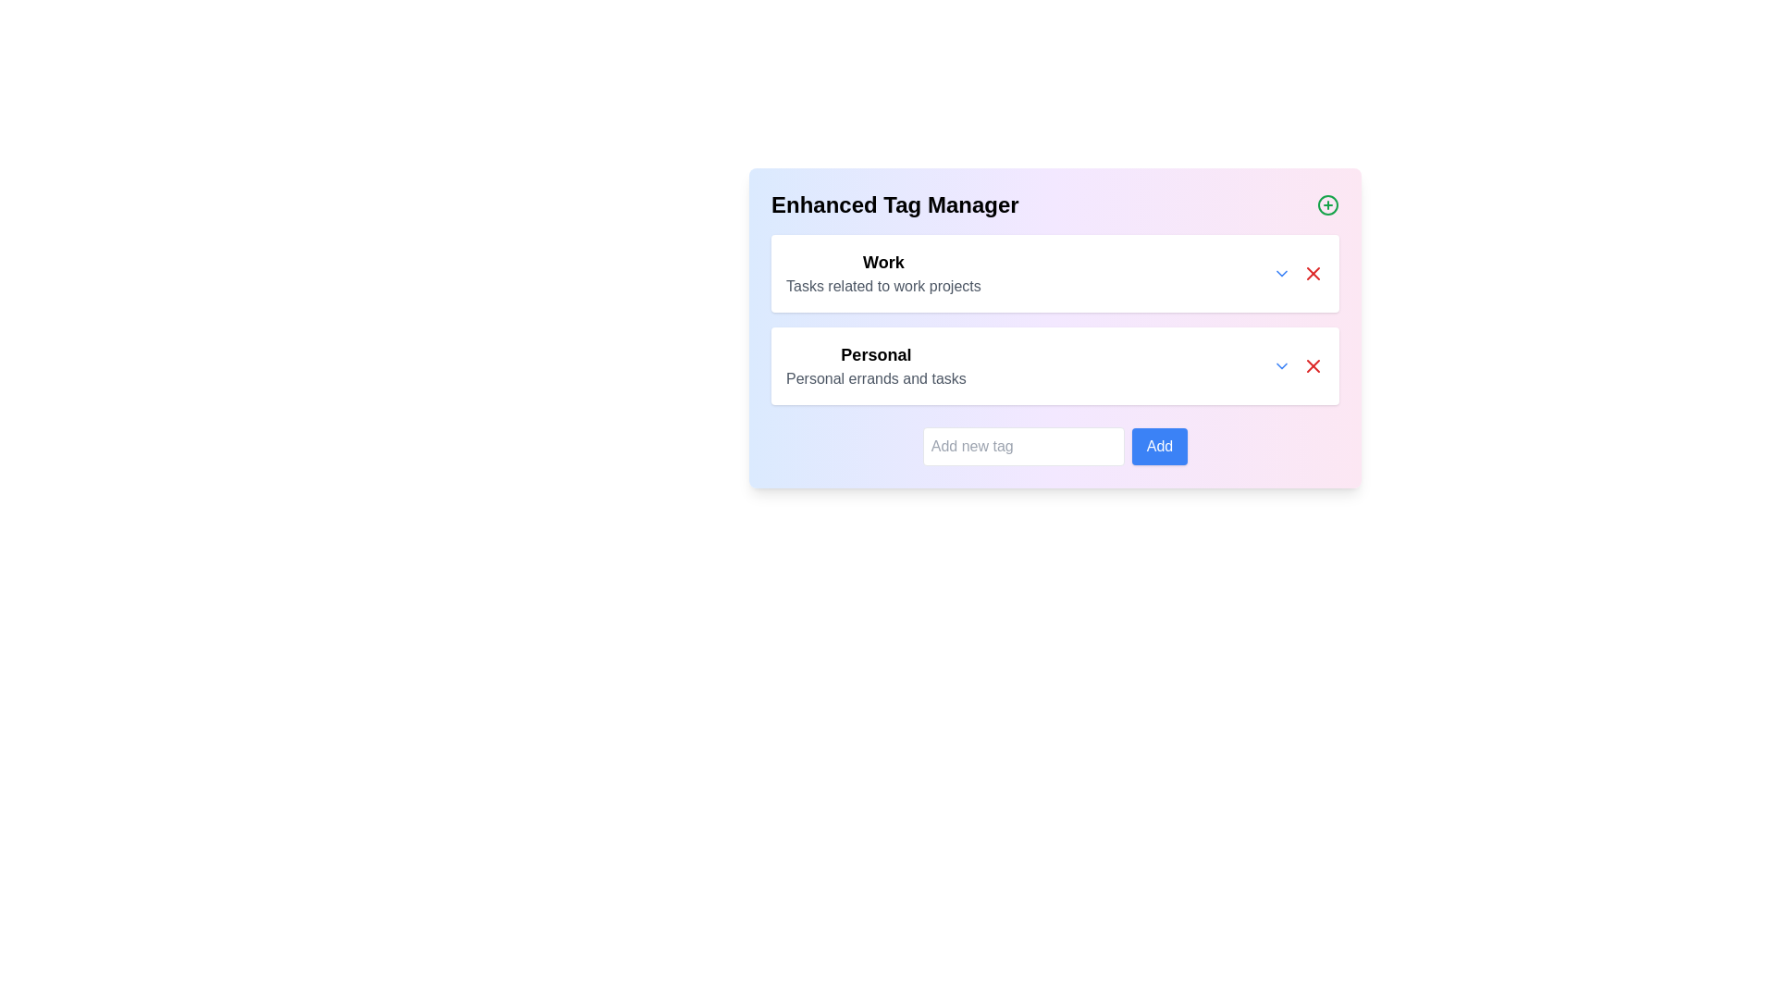  What do you see at coordinates (894, 205) in the screenshot?
I see `the text label containing the phrase 'Enhanced Tag Manager'` at bounding box center [894, 205].